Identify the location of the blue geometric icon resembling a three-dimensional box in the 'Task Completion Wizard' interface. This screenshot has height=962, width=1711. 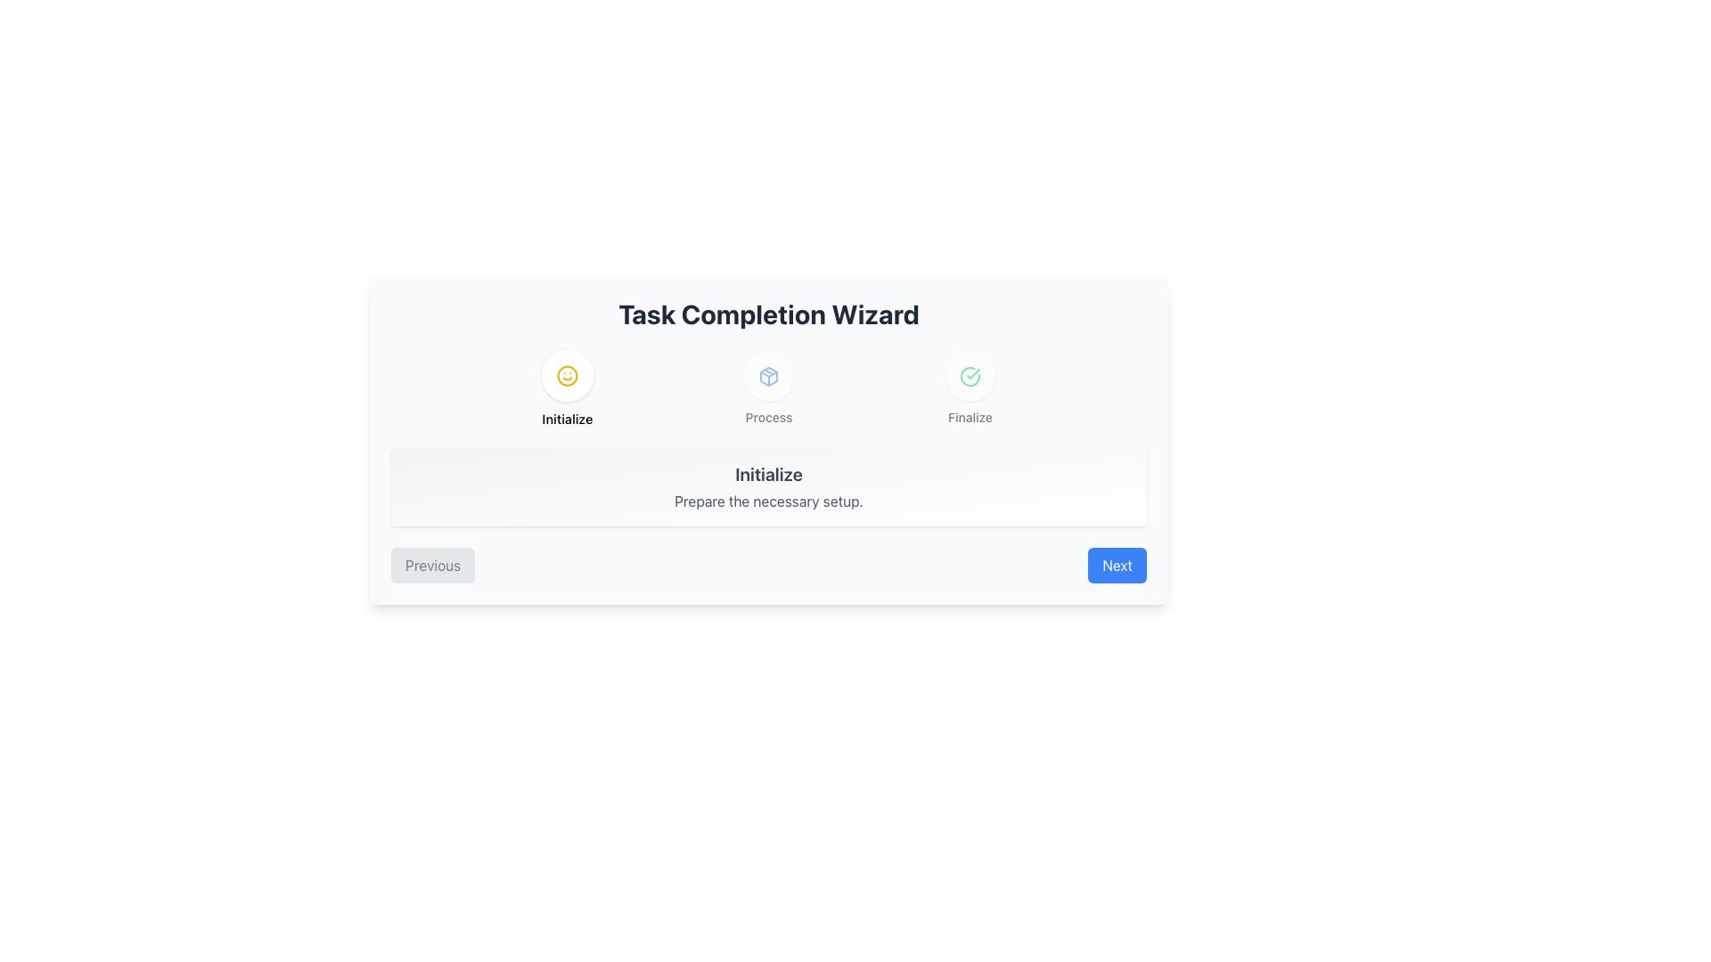
(769, 376).